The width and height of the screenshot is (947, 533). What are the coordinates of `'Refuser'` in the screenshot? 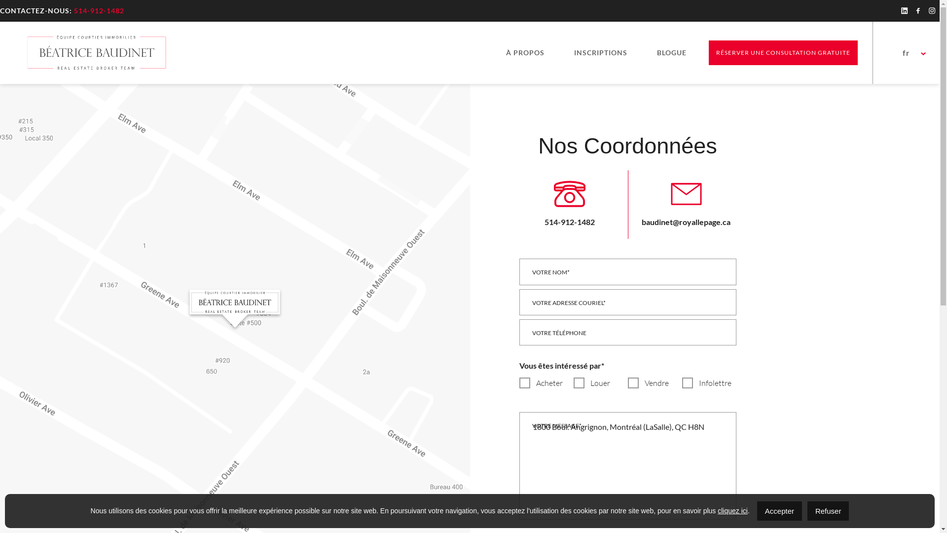 It's located at (828, 511).